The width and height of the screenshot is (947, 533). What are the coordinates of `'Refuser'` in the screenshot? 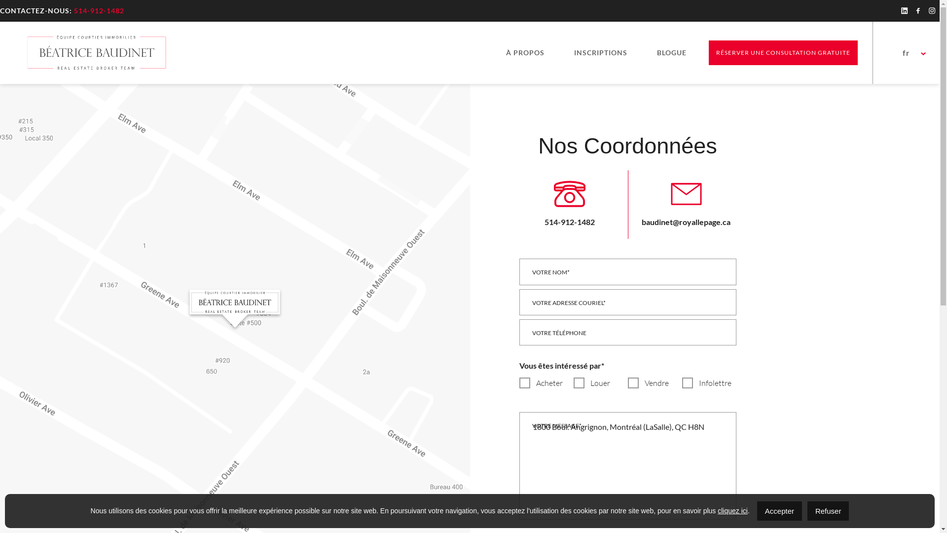 It's located at (828, 511).